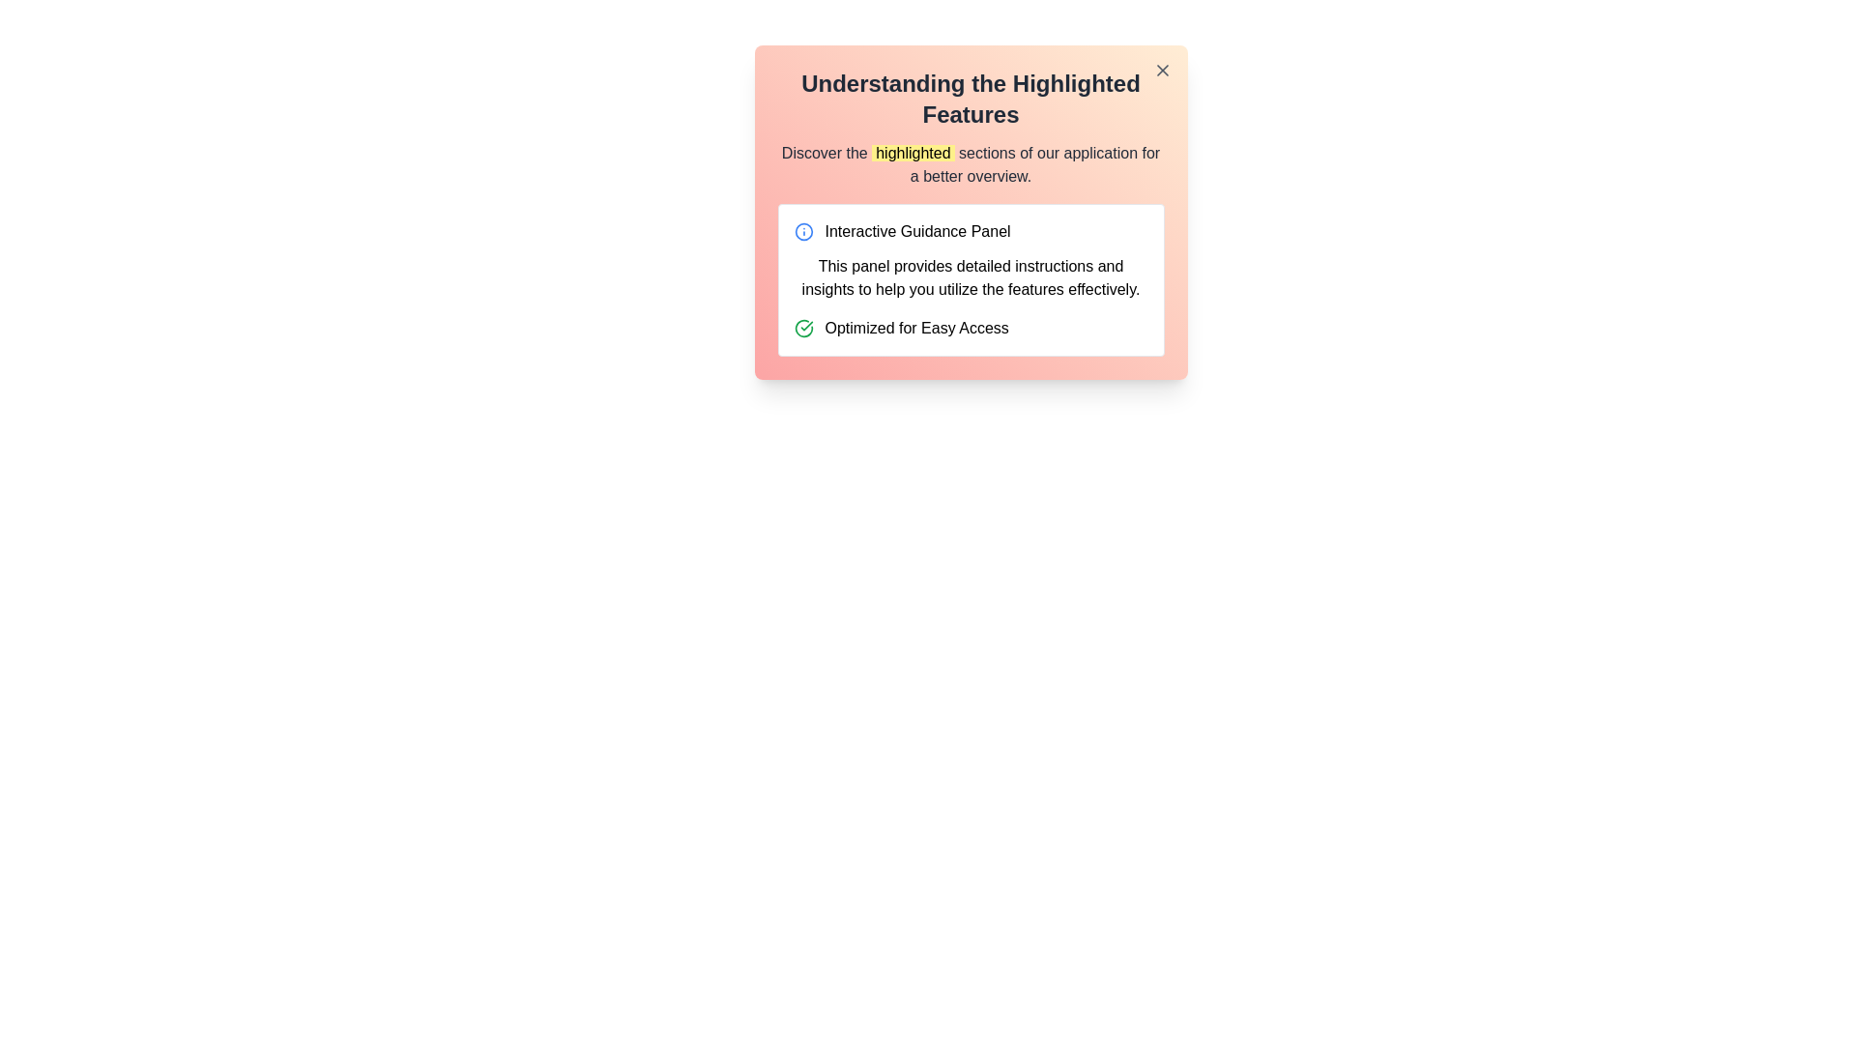  I want to click on the close button located at the top-right corner of the 'Understanding the Highlighted Features' panel to change its color, so click(1161, 70).